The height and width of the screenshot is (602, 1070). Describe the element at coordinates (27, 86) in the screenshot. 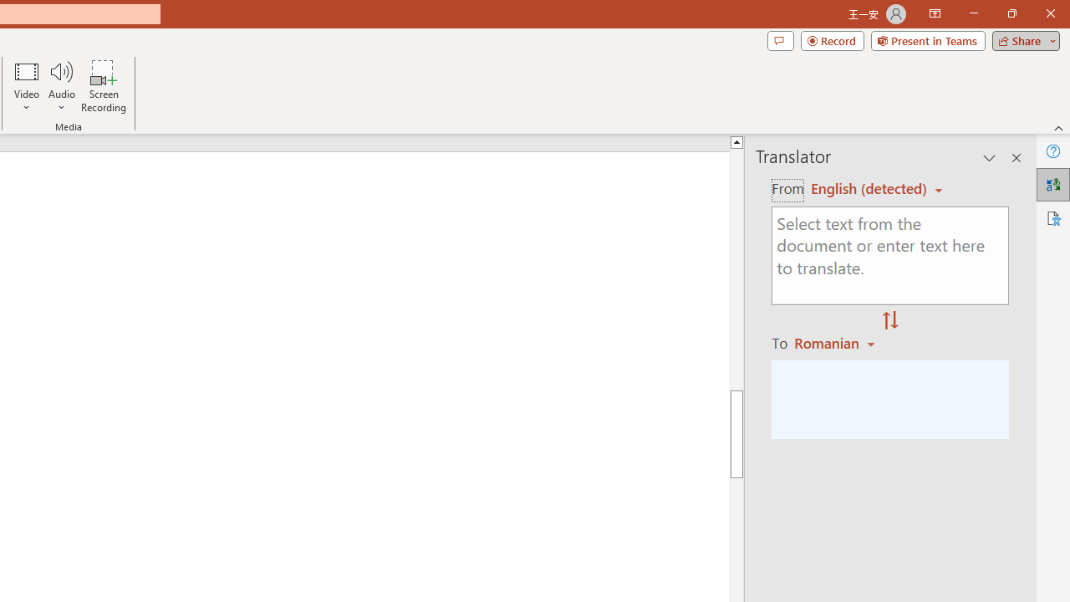

I see `'Video'` at that location.